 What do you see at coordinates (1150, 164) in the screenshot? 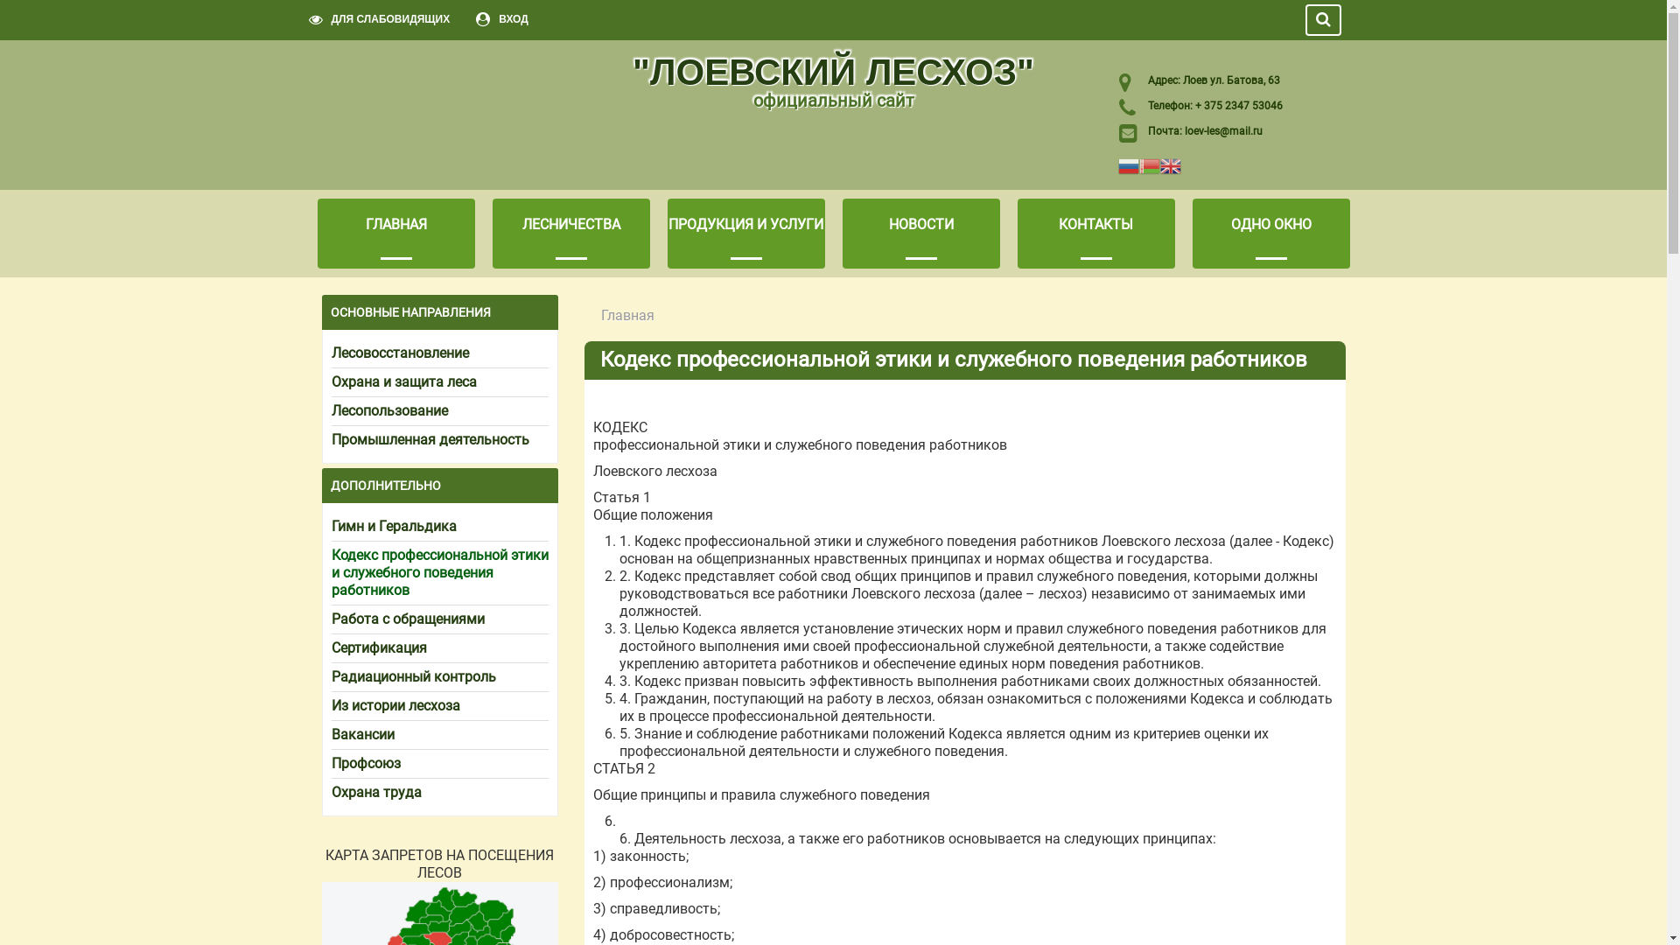
I see `'Belarusian'` at bounding box center [1150, 164].